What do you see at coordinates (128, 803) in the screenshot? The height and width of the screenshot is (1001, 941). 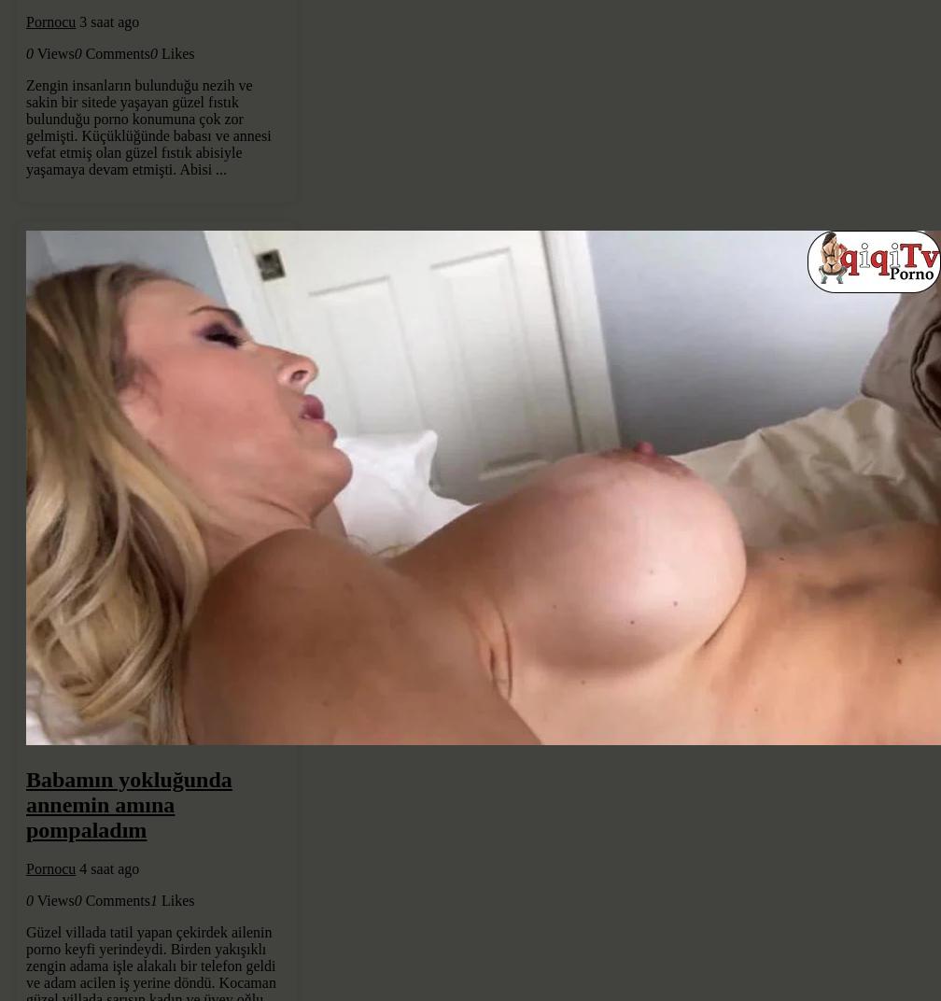 I see `'Babamın yokluğunda annemin amına pompaladım'` at bounding box center [128, 803].